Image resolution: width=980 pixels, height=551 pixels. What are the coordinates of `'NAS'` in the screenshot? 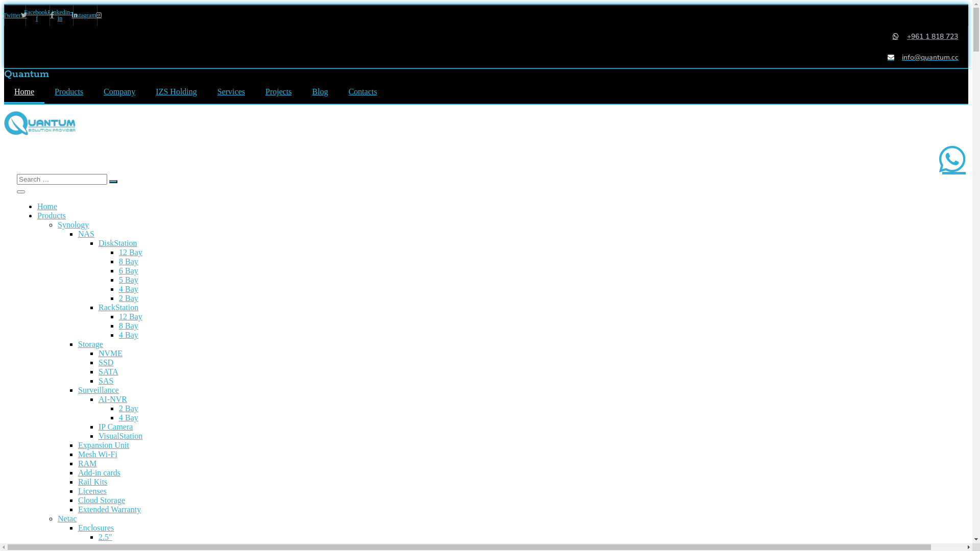 It's located at (78, 234).